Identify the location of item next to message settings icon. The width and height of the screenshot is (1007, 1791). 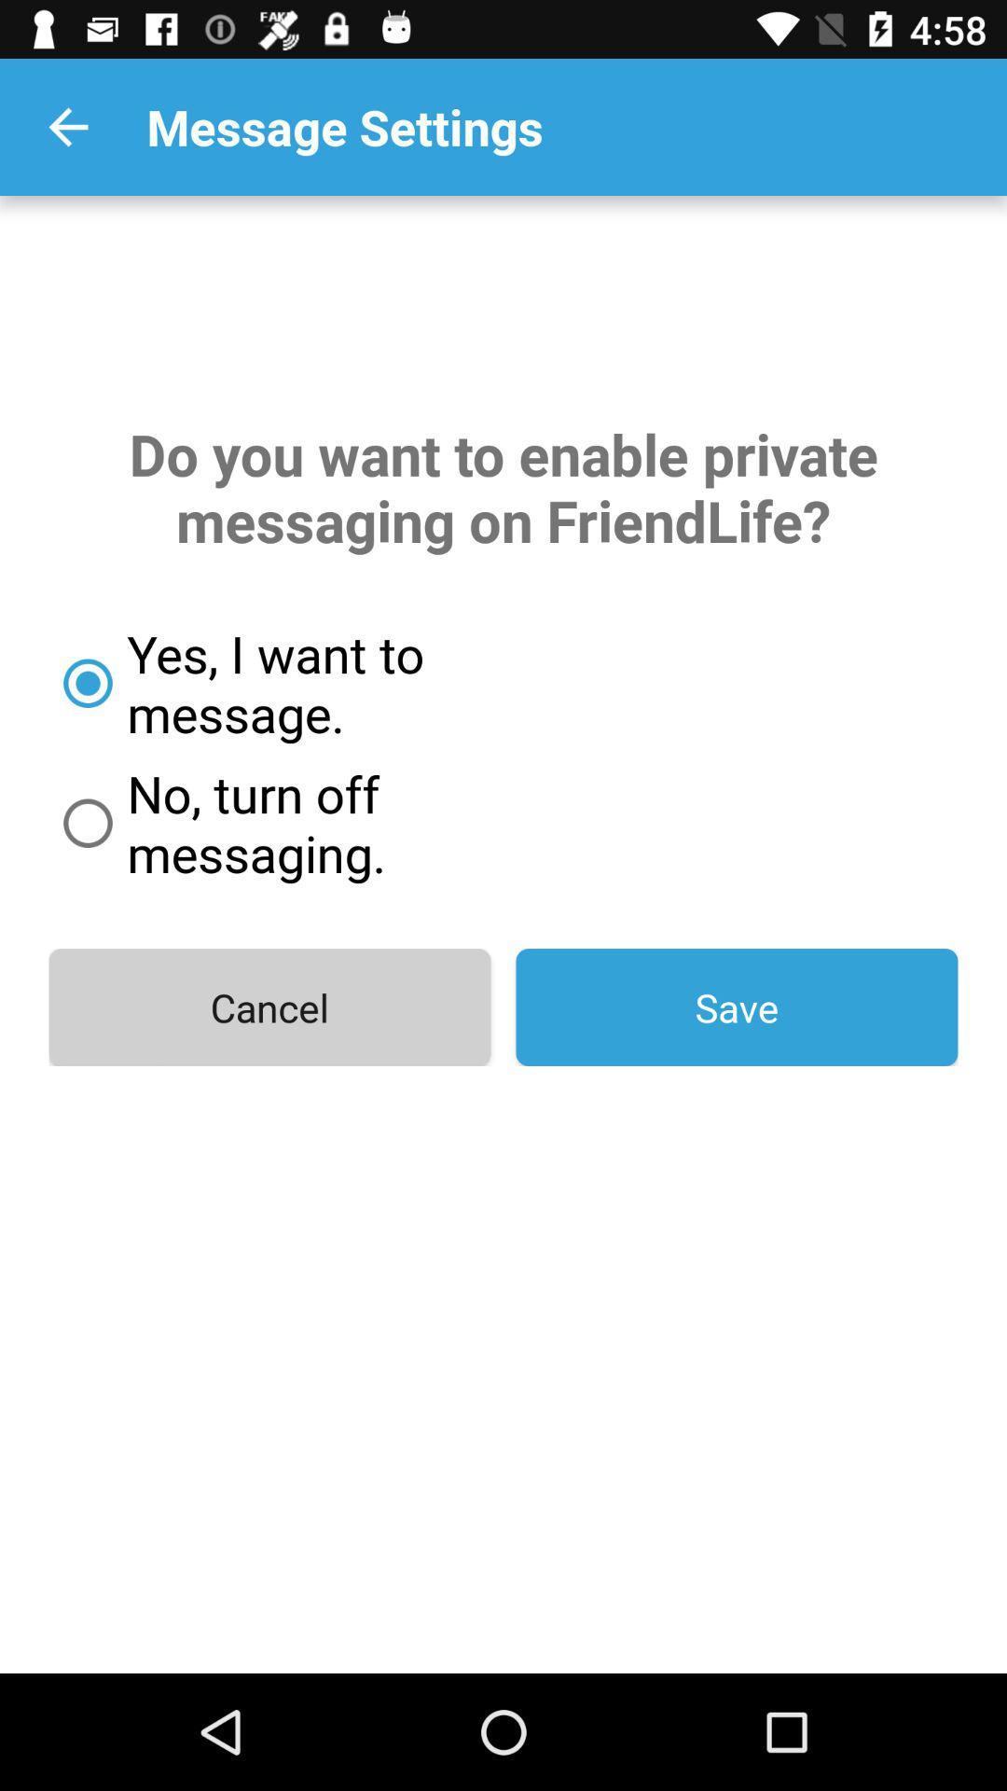
(67, 126).